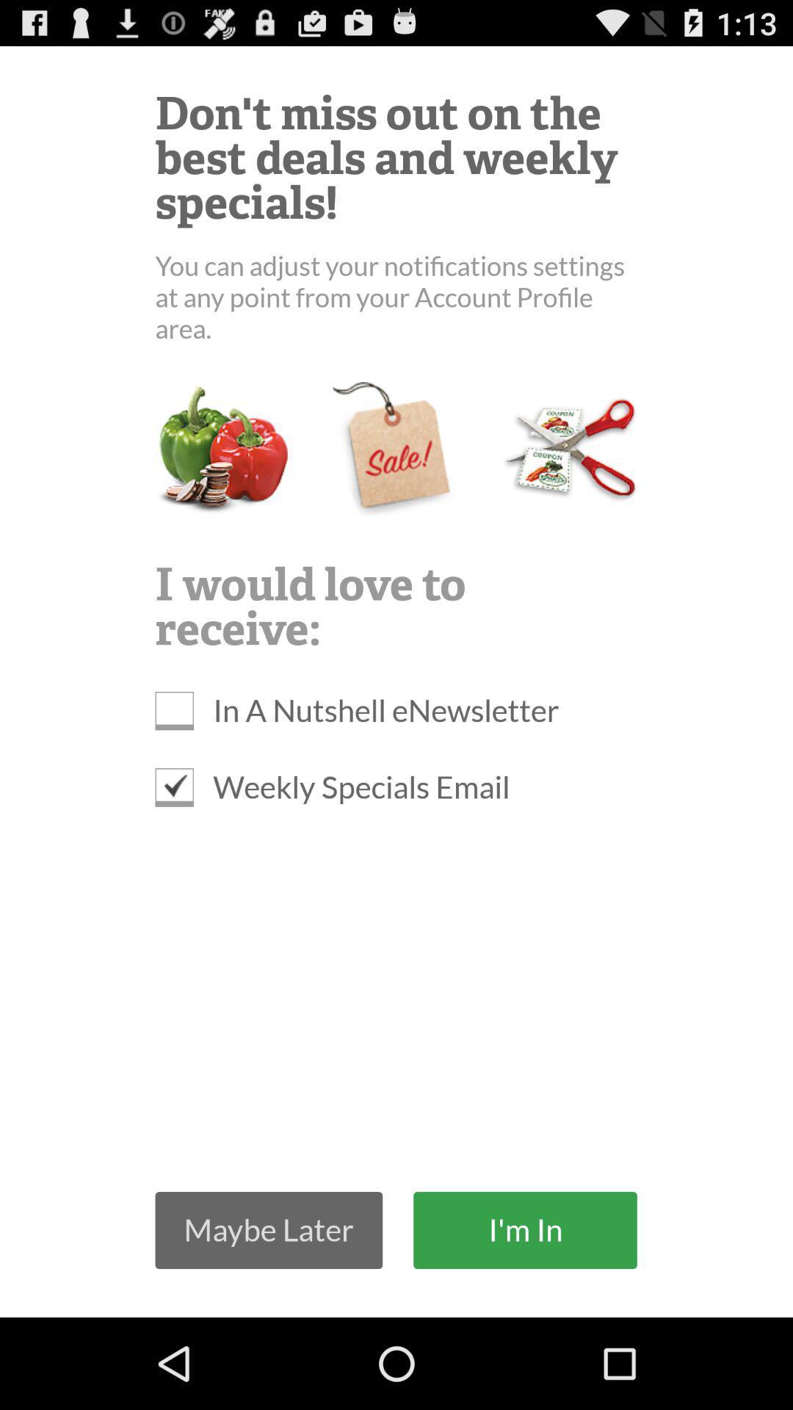 The image size is (793, 1410). Describe the element at coordinates (524, 1230) in the screenshot. I see `the item below weekly specials email` at that location.